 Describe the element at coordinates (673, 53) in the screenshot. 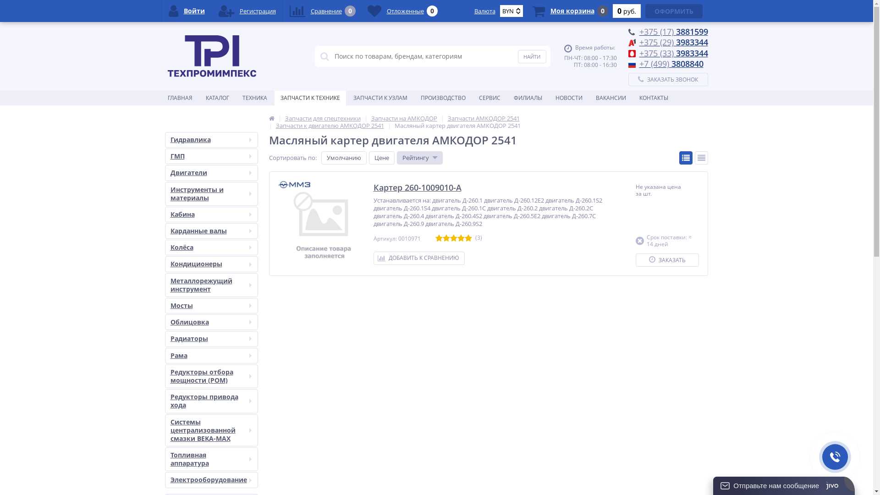

I see `'+375 (33) 3983344'` at that location.